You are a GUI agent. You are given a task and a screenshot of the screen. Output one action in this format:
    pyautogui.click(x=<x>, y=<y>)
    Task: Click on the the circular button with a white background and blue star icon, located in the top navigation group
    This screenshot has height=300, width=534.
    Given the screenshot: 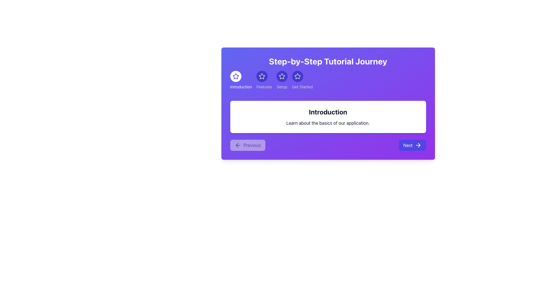 What is the action you would take?
    pyautogui.click(x=236, y=76)
    